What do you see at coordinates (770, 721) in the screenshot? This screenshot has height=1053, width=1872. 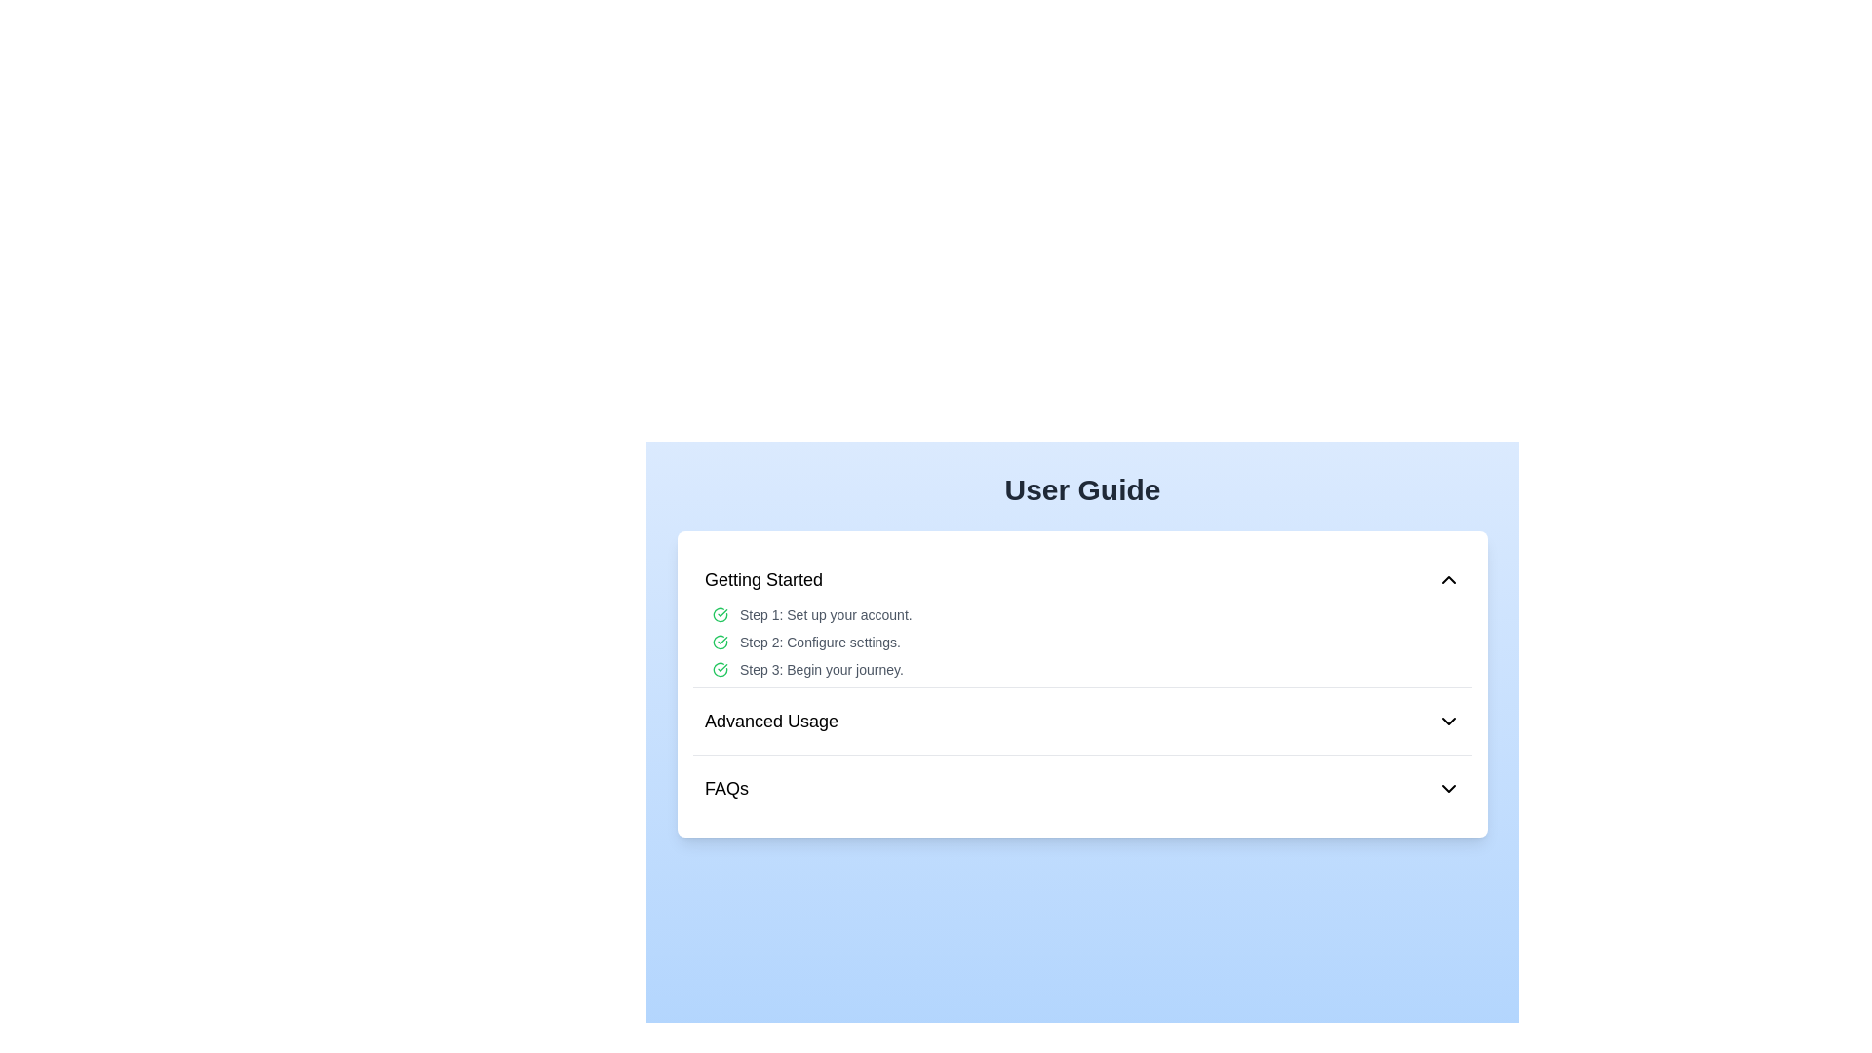 I see `the text label displaying 'Advanced Usage', which is styled in bold and located within the expandable section under 'Getting Started'` at bounding box center [770, 721].